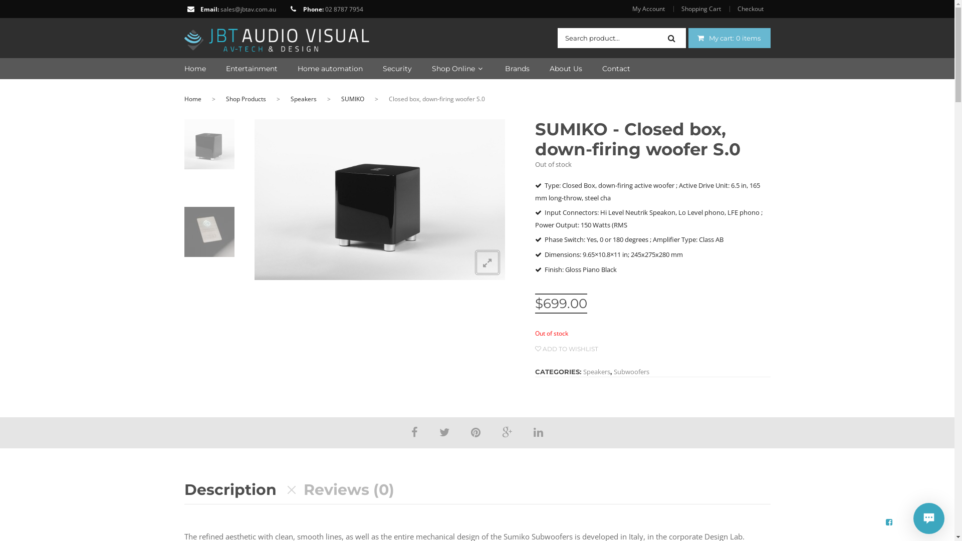  Describe the element at coordinates (220, 9) in the screenshot. I see `'sales@jbtav.com.au'` at that location.